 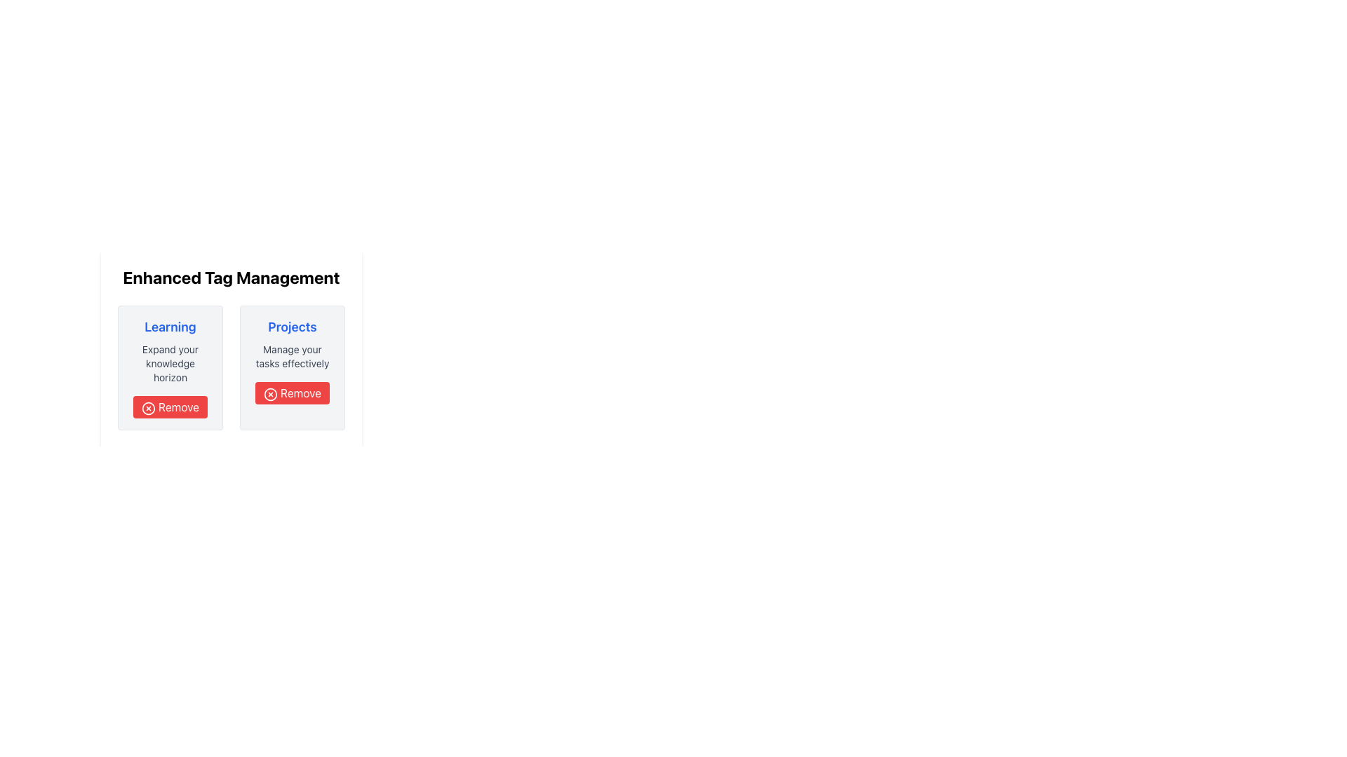 What do you see at coordinates (170, 407) in the screenshot?
I see `the red rectangular button labeled 'Remove' located at the bottom of the 'Learning' card in the 'Enhanced Tag Management' interface` at bounding box center [170, 407].